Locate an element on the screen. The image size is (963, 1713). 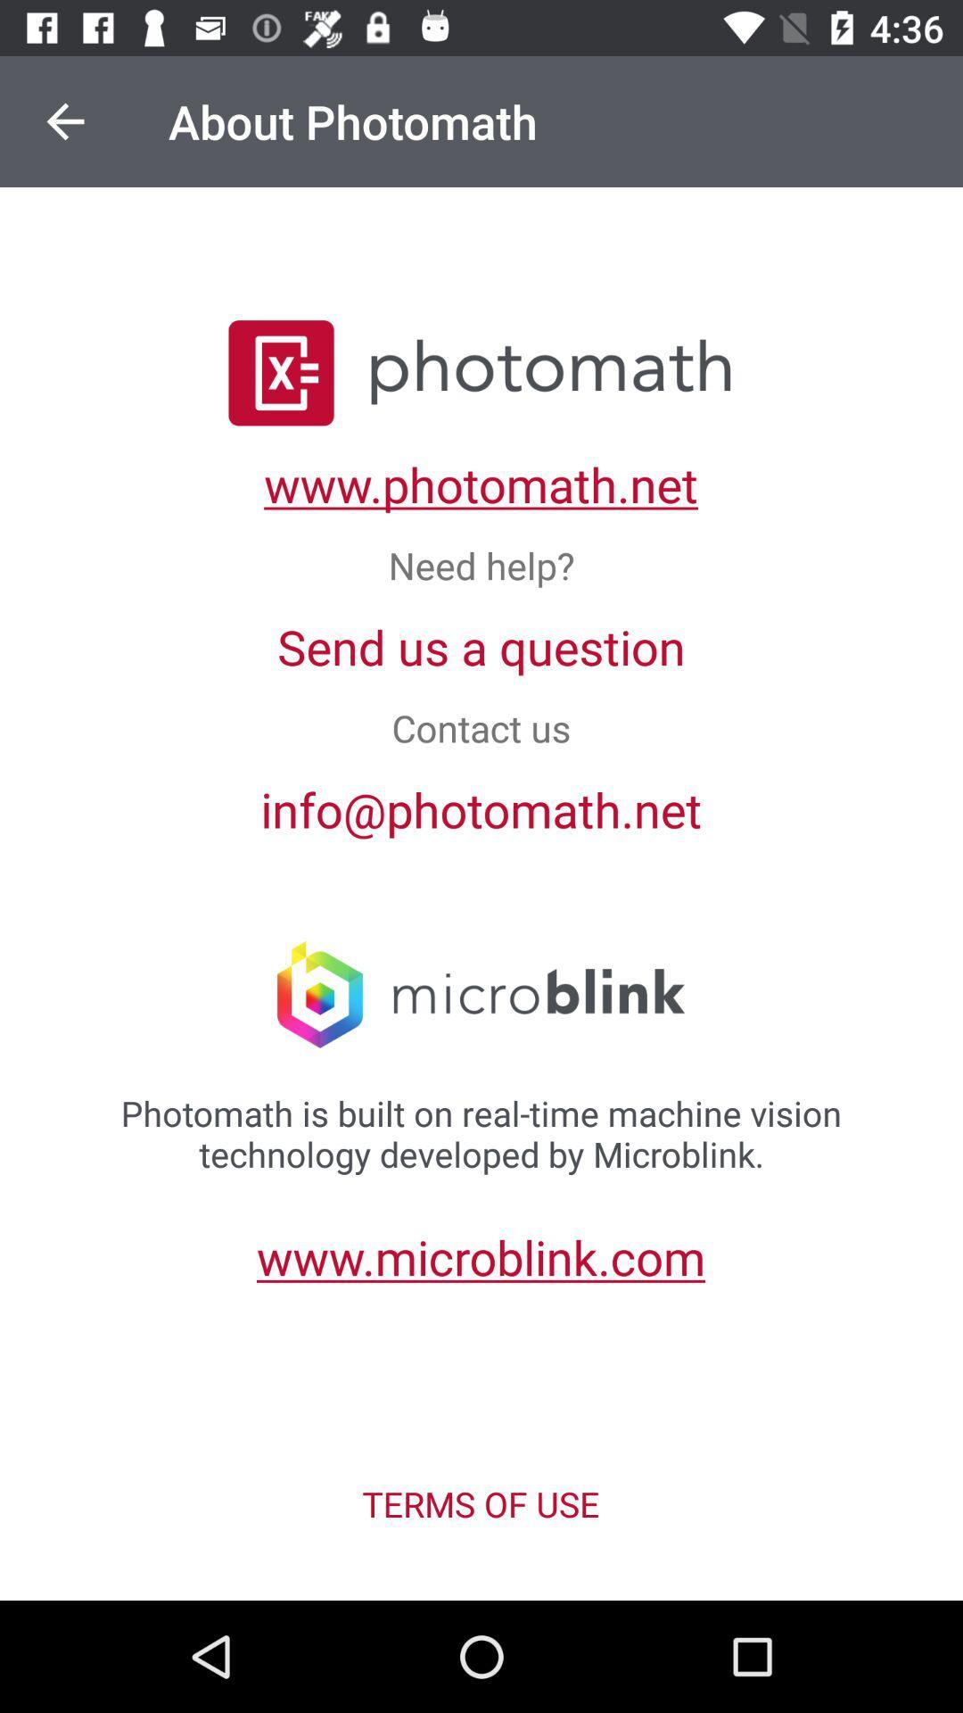
the item below the need help? icon is located at coordinates (481, 645).